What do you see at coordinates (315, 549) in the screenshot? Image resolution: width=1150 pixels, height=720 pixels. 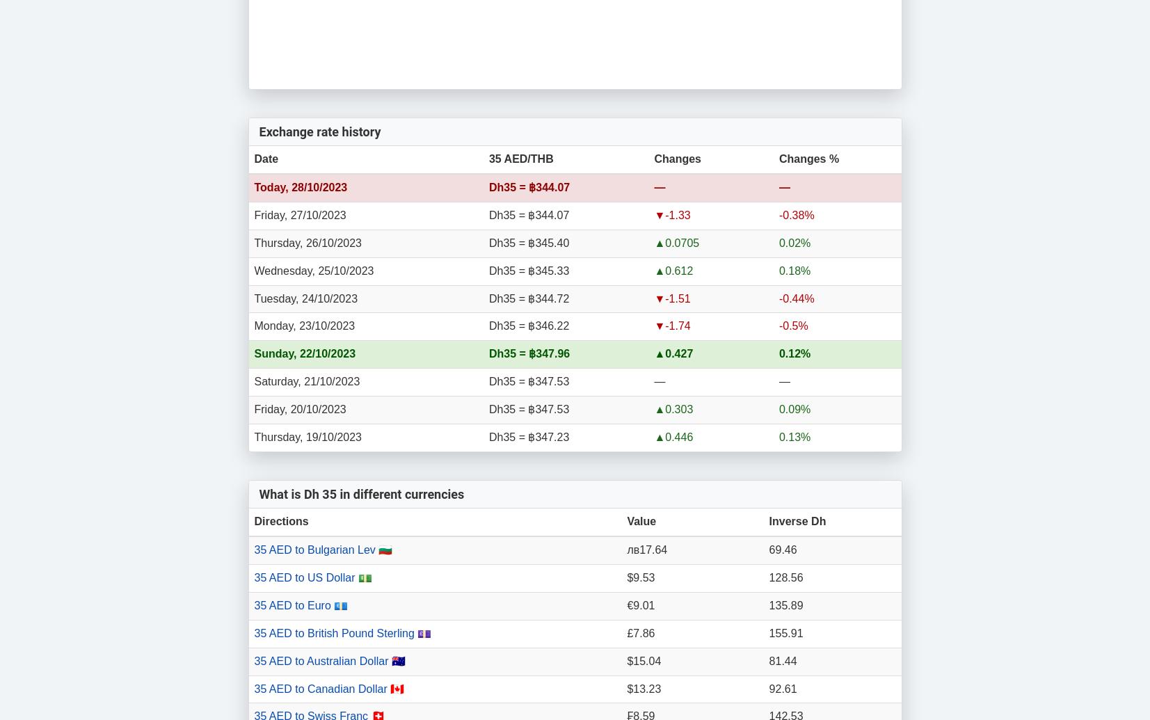 I see `'35 AED to Bulgarian Lev'` at bounding box center [315, 549].